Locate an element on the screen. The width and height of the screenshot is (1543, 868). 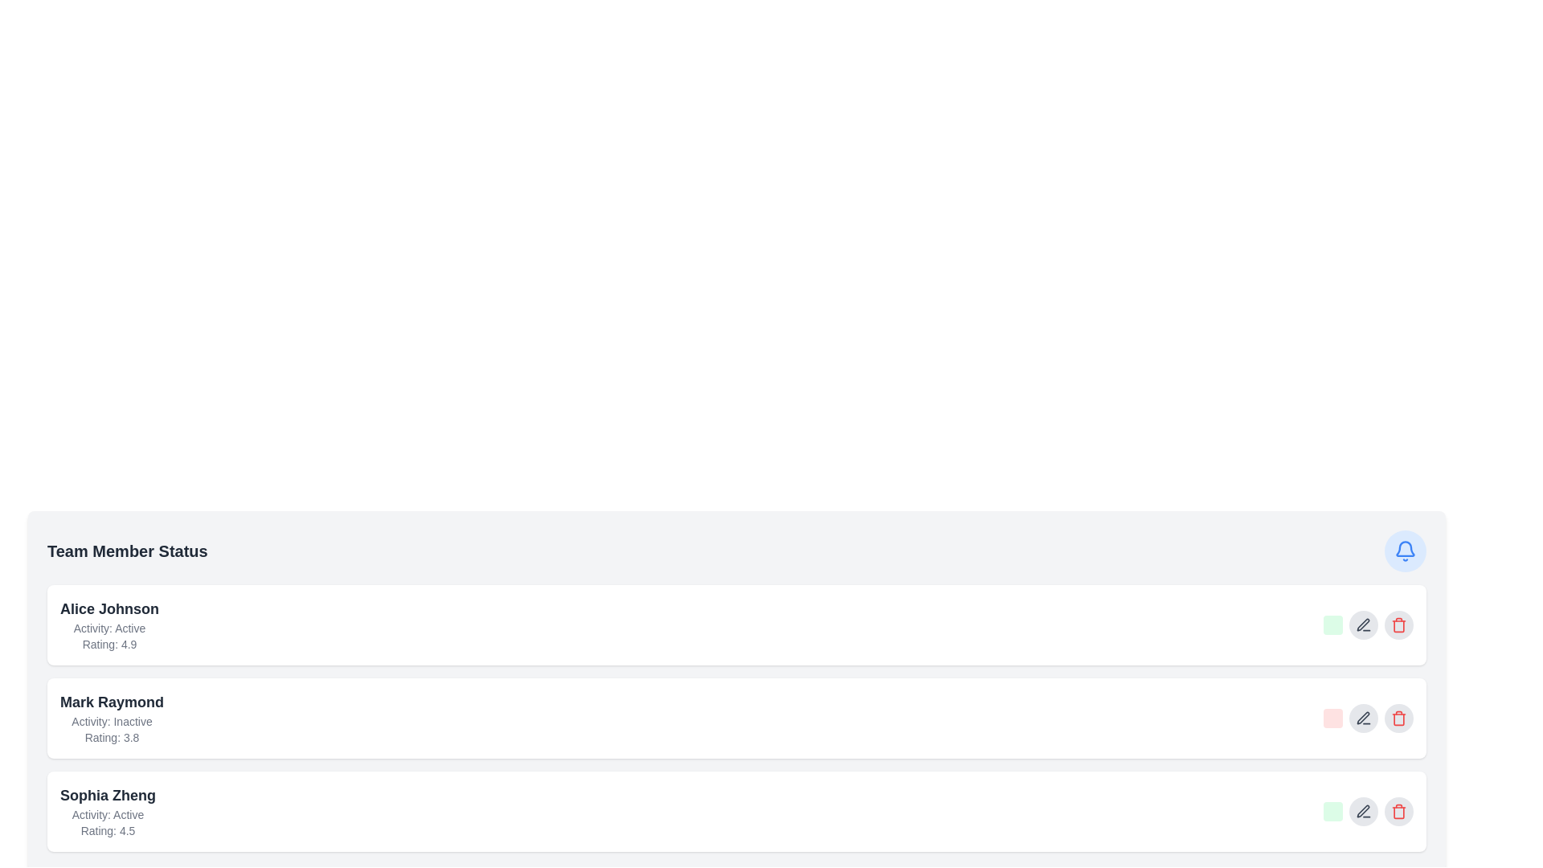
the trash bin icon representing the bin's body area, located to the right of the row aligned with 'Mark Raymond' is located at coordinates (1398, 718).